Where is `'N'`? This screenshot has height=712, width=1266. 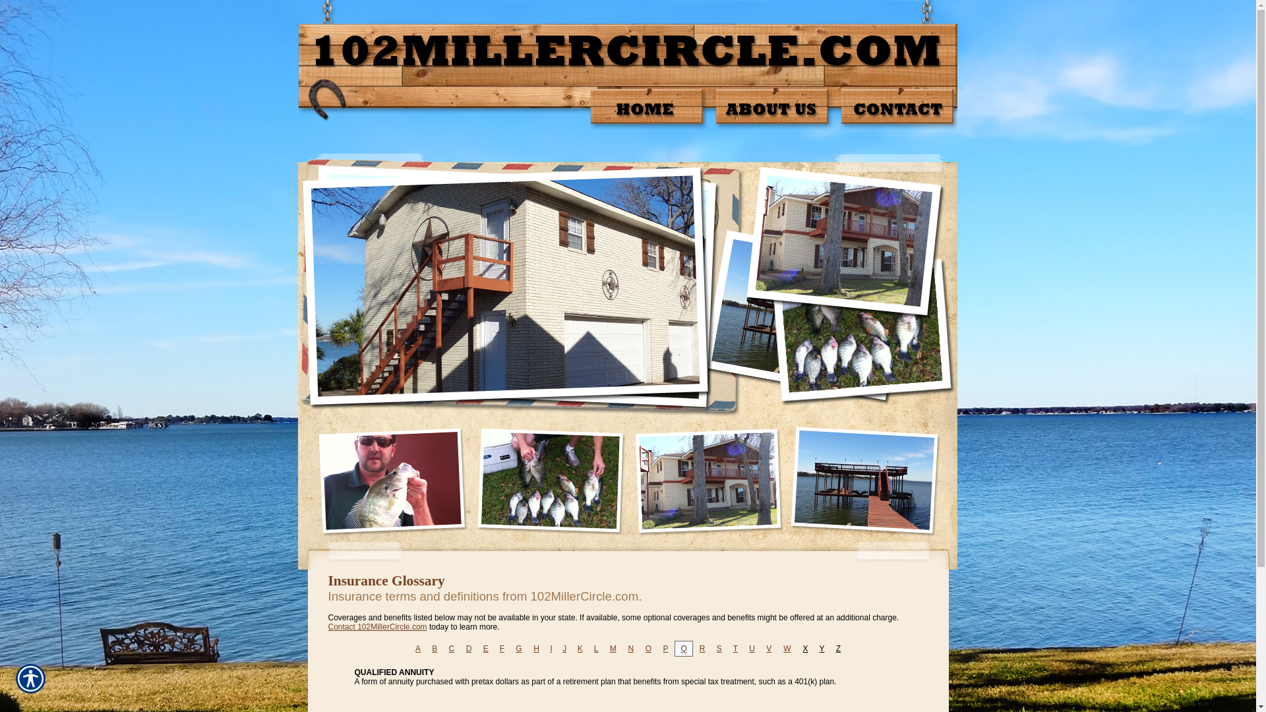 'N' is located at coordinates (630, 647).